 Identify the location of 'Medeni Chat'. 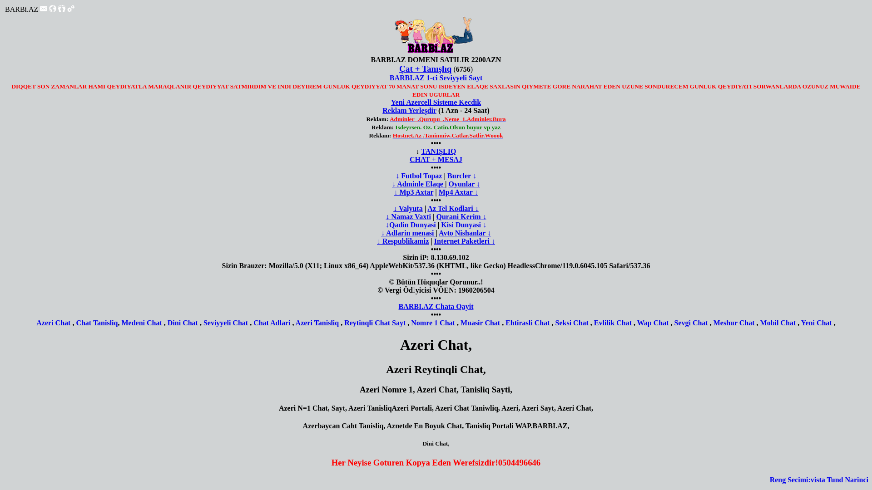
(121, 322).